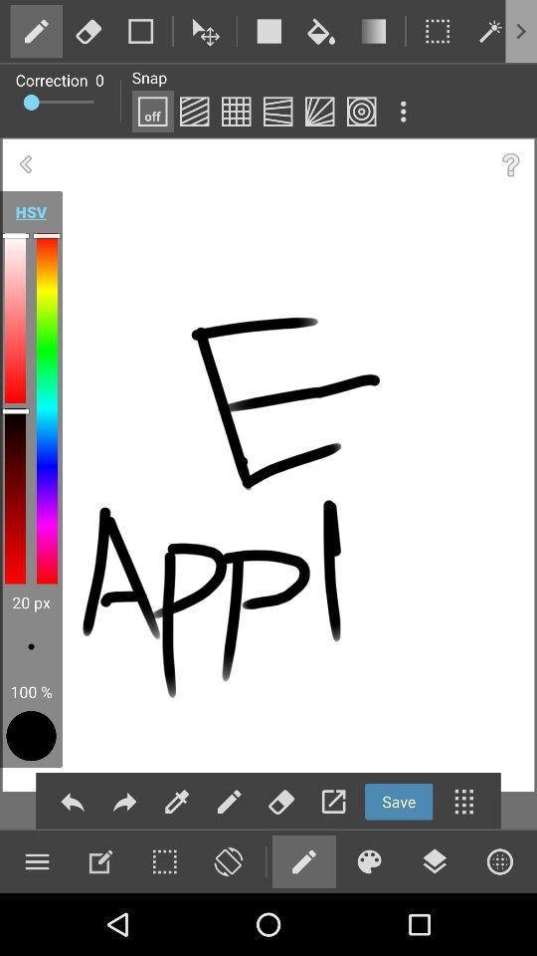 Image resolution: width=537 pixels, height=956 pixels. What do you see at coordinates (403, 112) in the screenshot?
I see `the more icon` at bounding box center [403, 112].